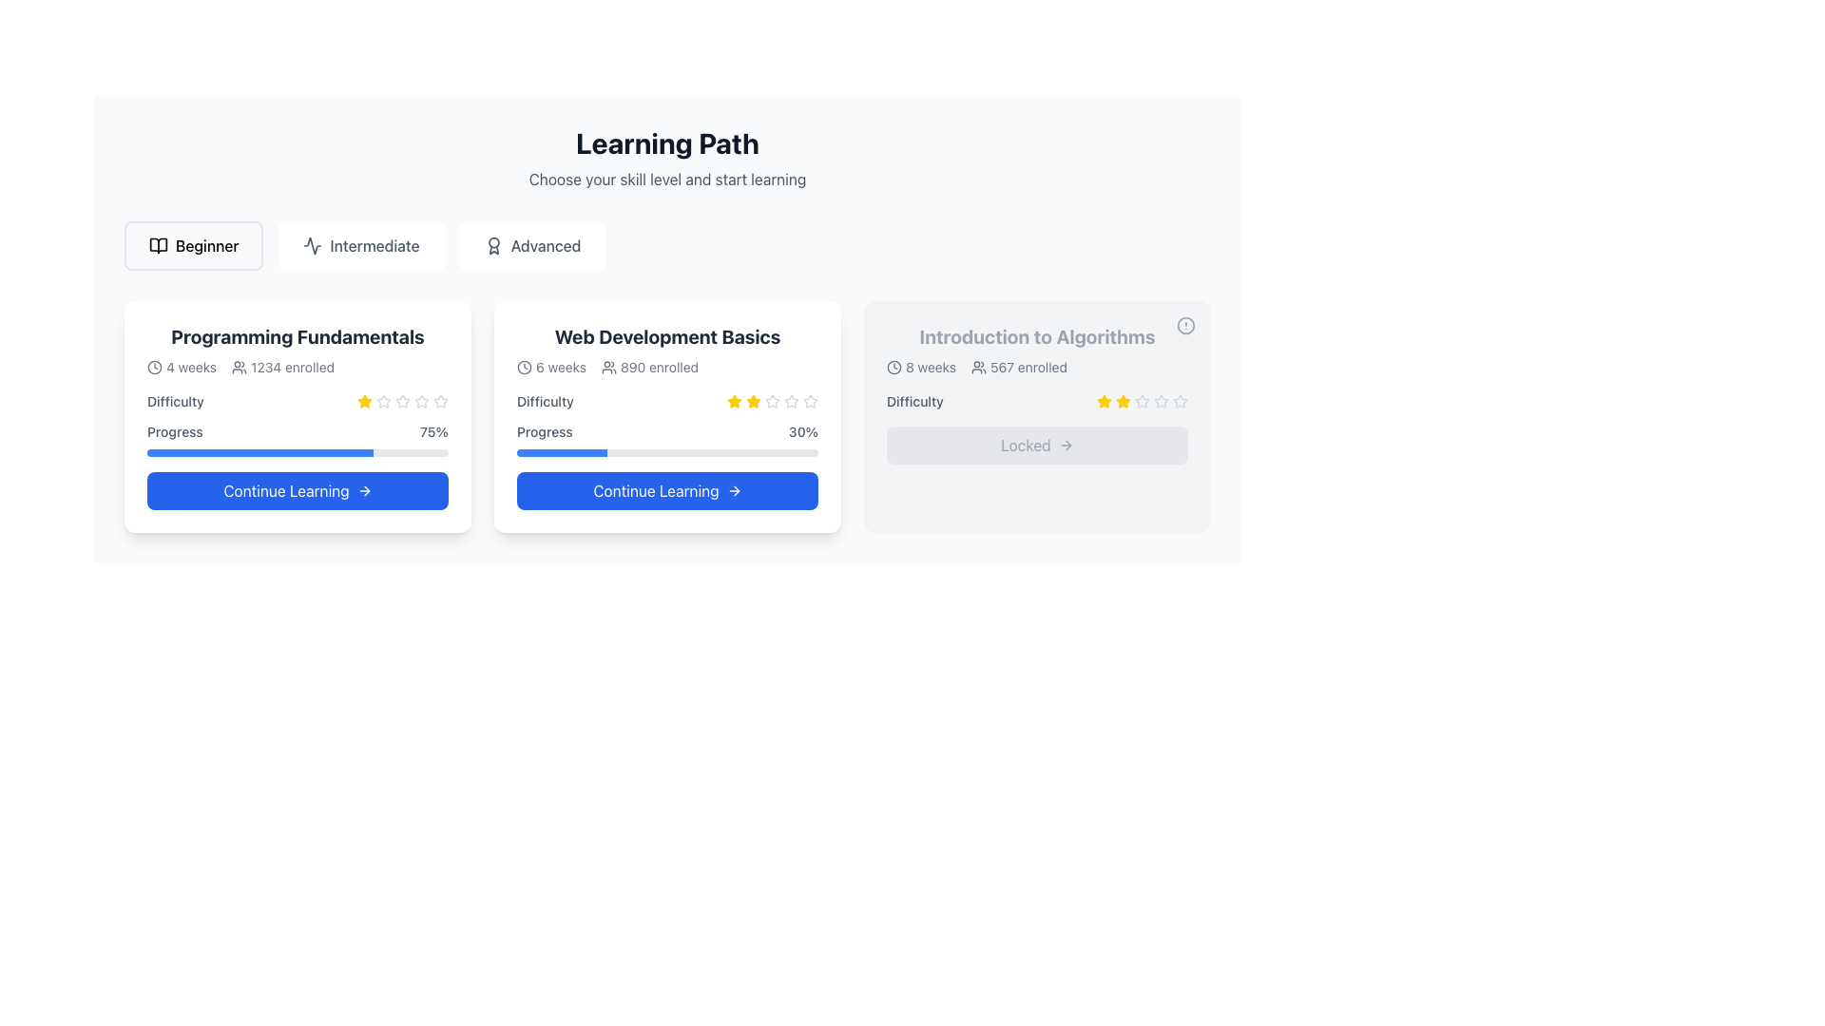 This screenshot has width=1825, height=1026. What do you see at coordinates (297, 416) in the screenshot?
I see `the stars in the first informational card widget to check the difficulty levels of the online course` at bounding box center [297, 416].